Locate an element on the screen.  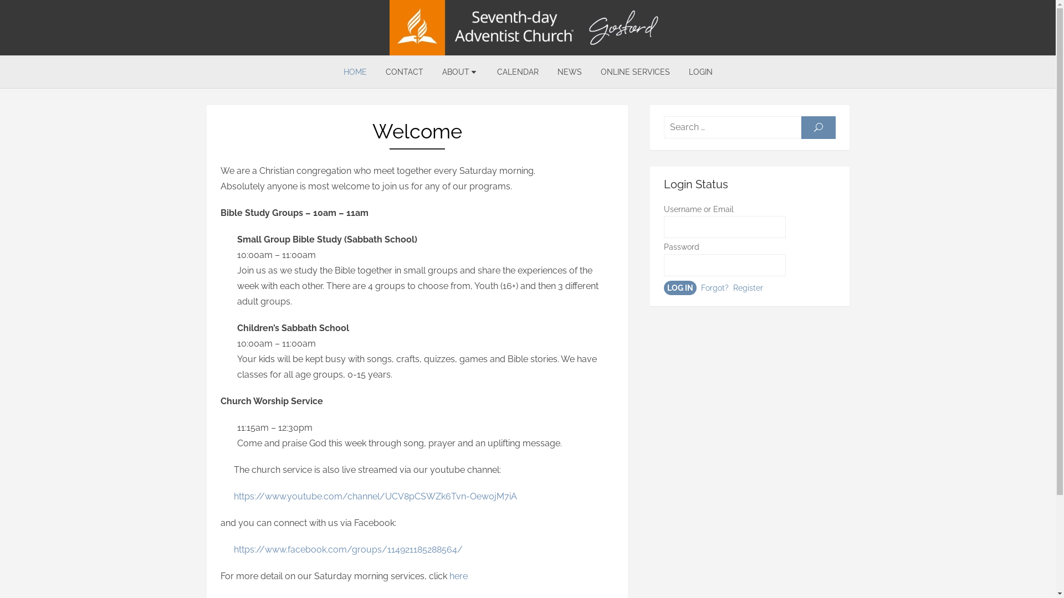
'HOME' is located at coordinates (354, 72).